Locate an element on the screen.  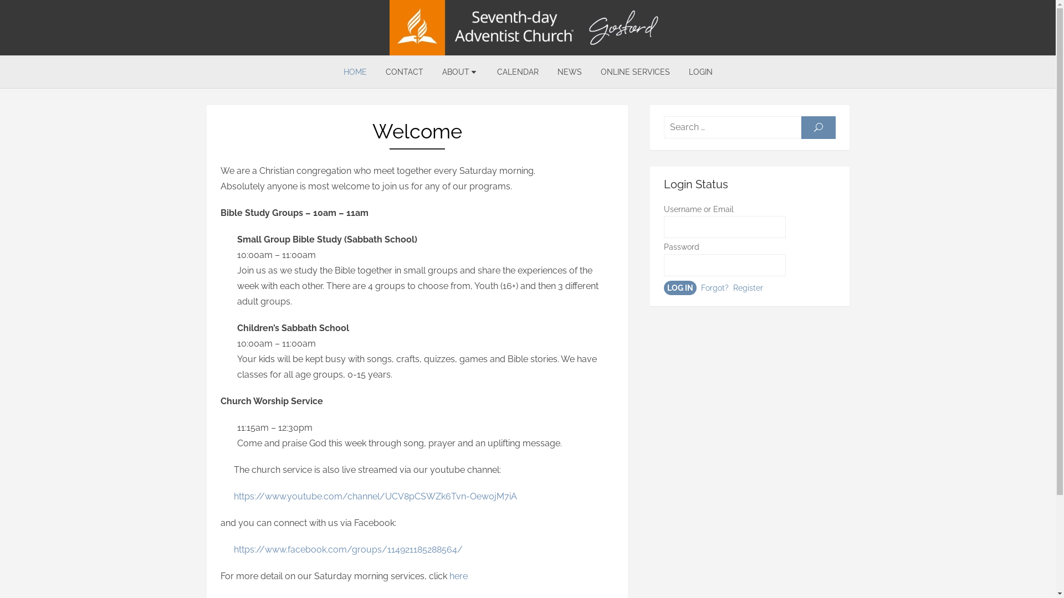
'HOME' is located at coordinates (354, 72).